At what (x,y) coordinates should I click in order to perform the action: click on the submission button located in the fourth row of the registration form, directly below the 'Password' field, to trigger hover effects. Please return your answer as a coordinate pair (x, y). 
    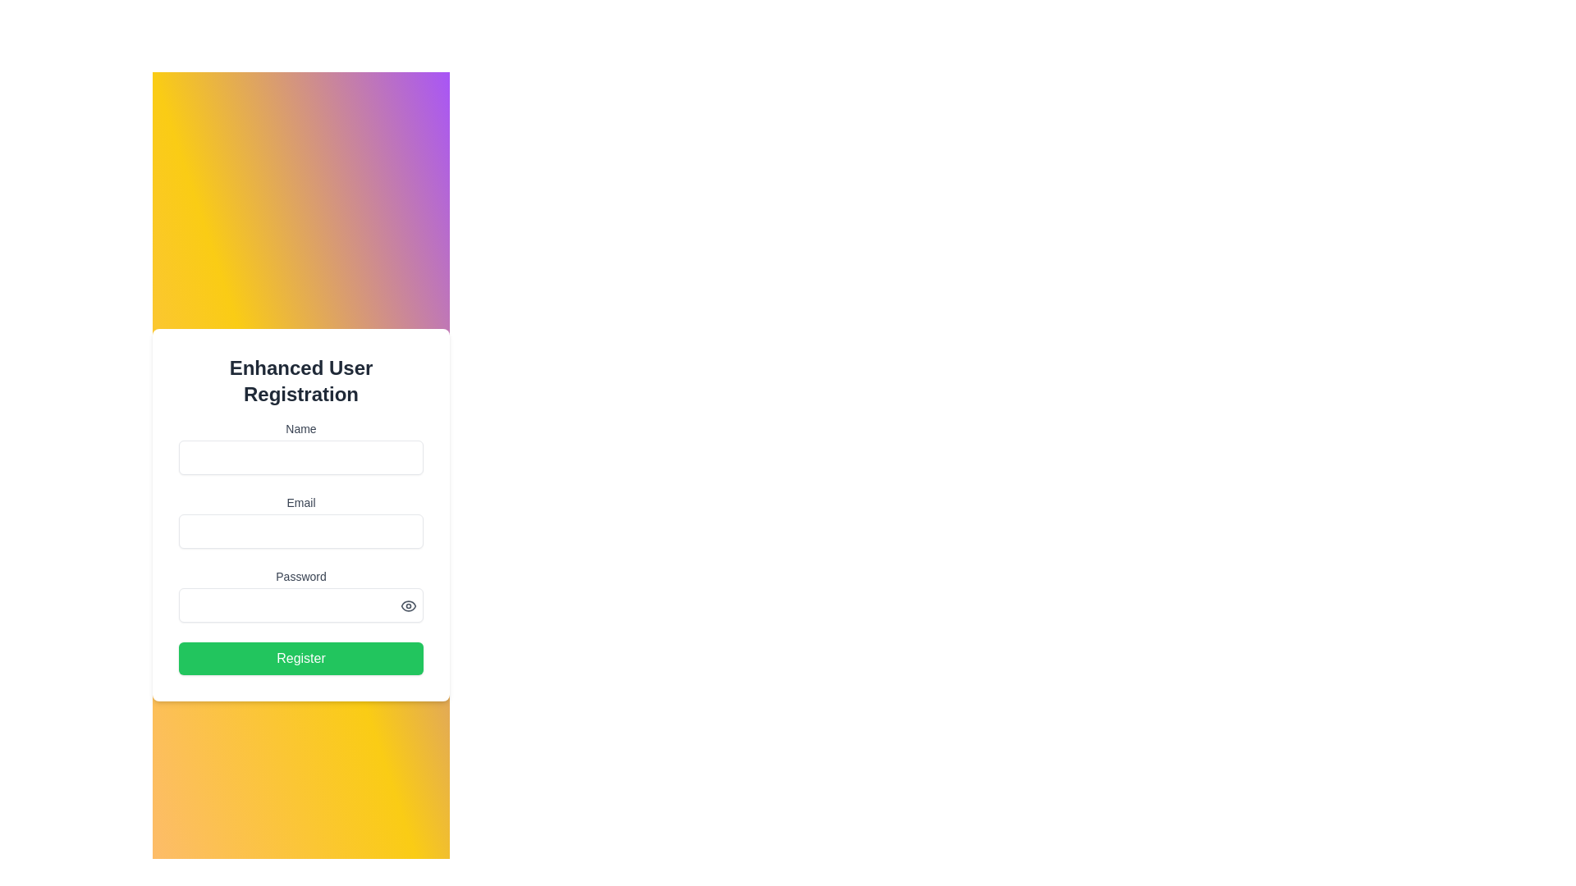
    Looking at the image, I should click on (300, 657).